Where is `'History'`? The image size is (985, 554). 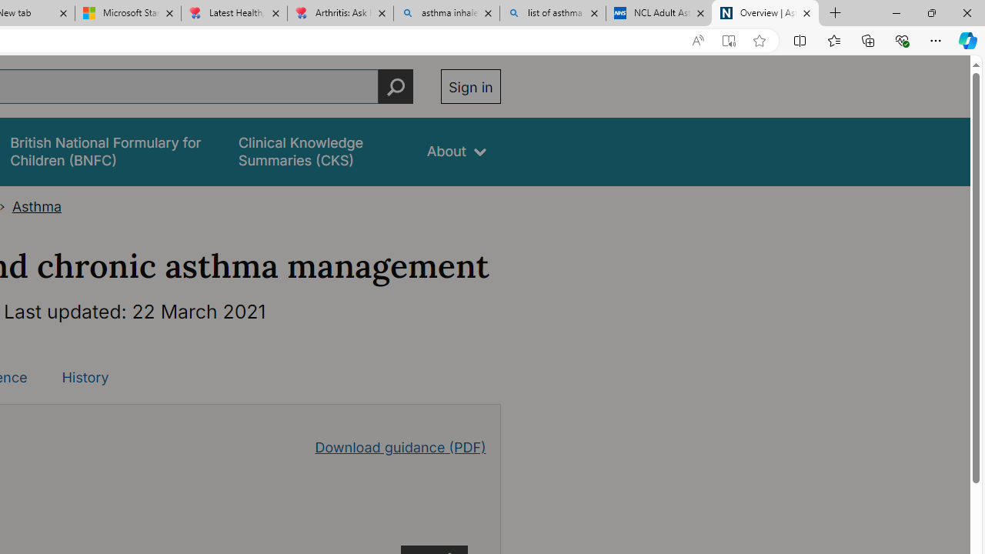
'History' is located at coordinates (84, 378).